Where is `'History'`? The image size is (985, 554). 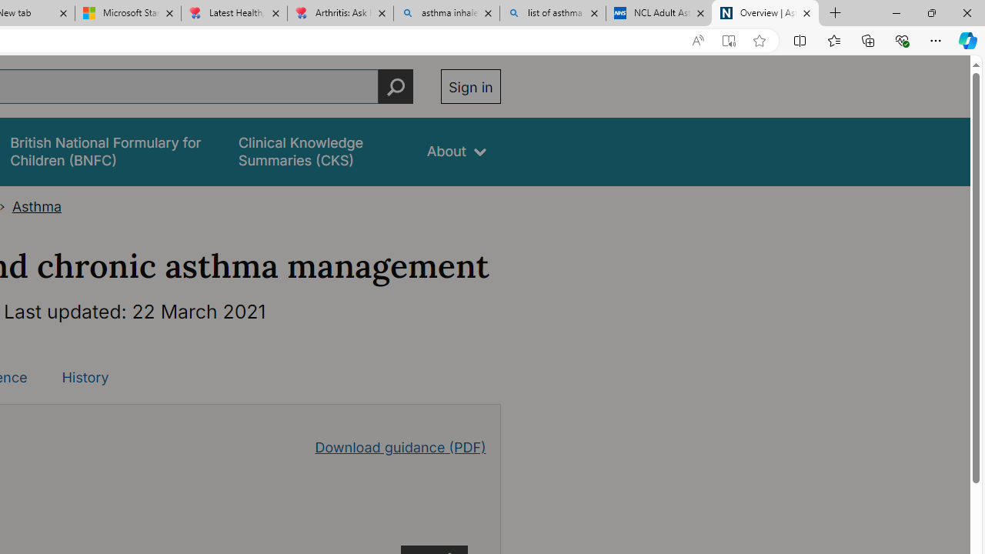
'History' is located at coordinates (84, 378).